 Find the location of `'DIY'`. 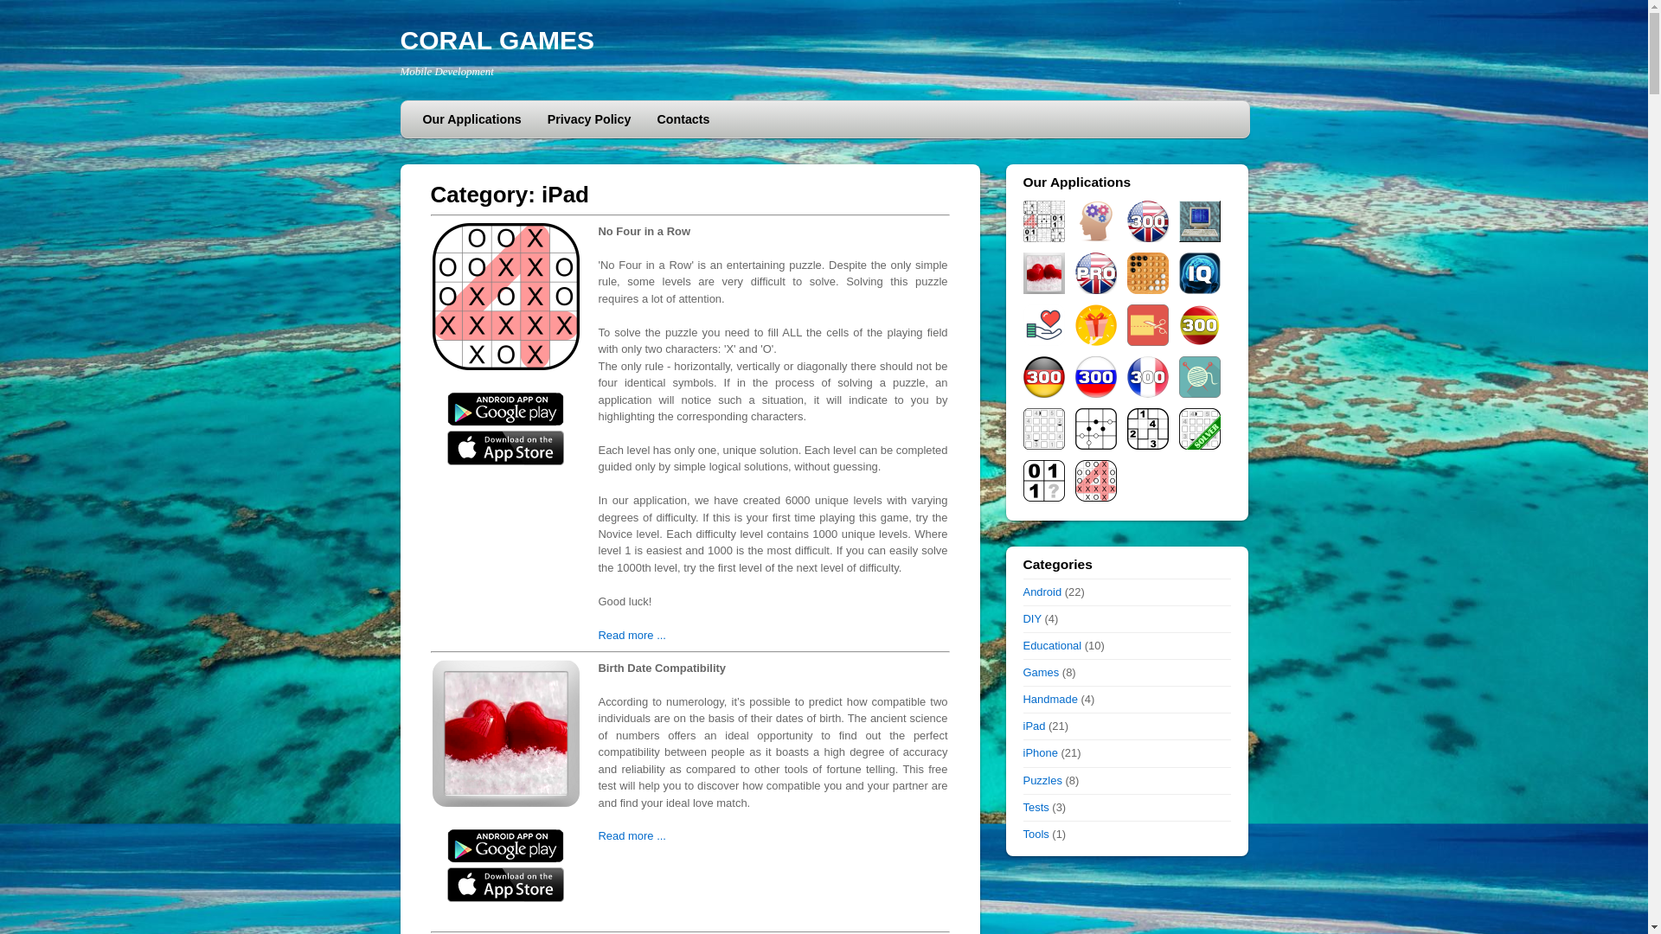

'DIY' is located at coordinates (1022, 617).